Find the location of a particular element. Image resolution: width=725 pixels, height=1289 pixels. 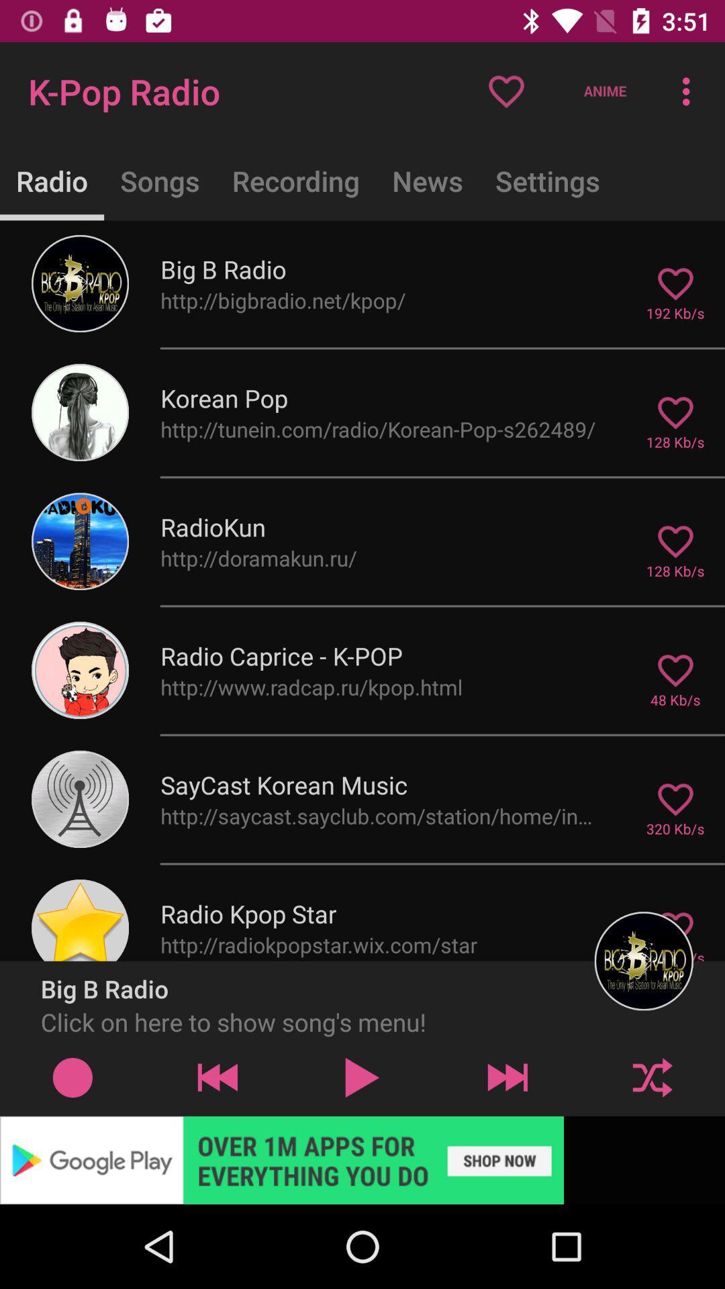

the skip_next icon is located at coordinates (507, 1077).